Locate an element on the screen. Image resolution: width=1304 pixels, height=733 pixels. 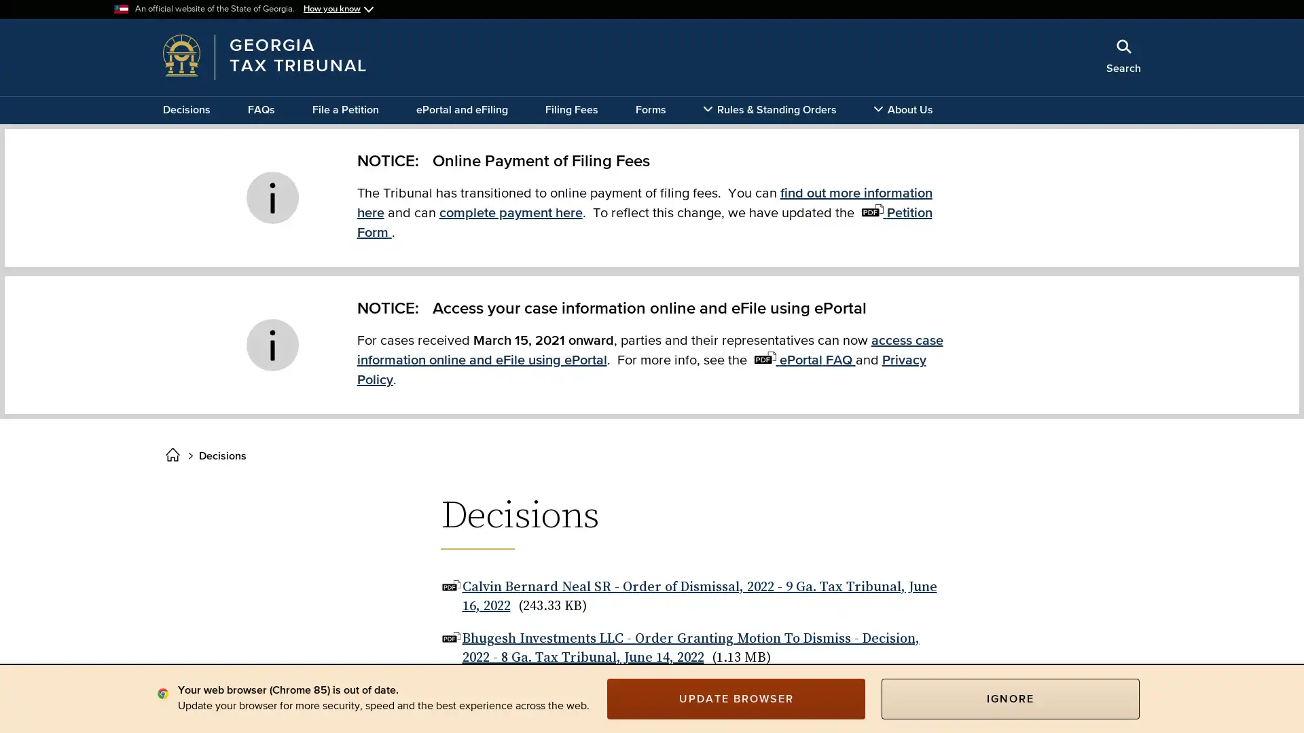
IGNORE is located at coordinates (1011, 698).